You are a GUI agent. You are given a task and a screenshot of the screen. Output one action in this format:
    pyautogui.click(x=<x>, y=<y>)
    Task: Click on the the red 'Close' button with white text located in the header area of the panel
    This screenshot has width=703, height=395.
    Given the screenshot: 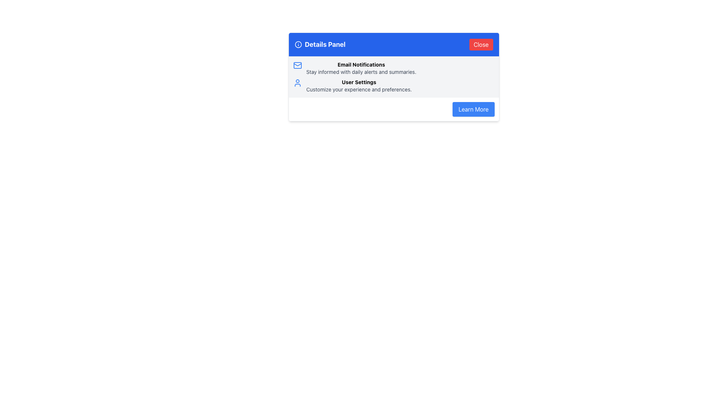 What is the action you would take?
    pyautogui.click(x=481, y=45)
    